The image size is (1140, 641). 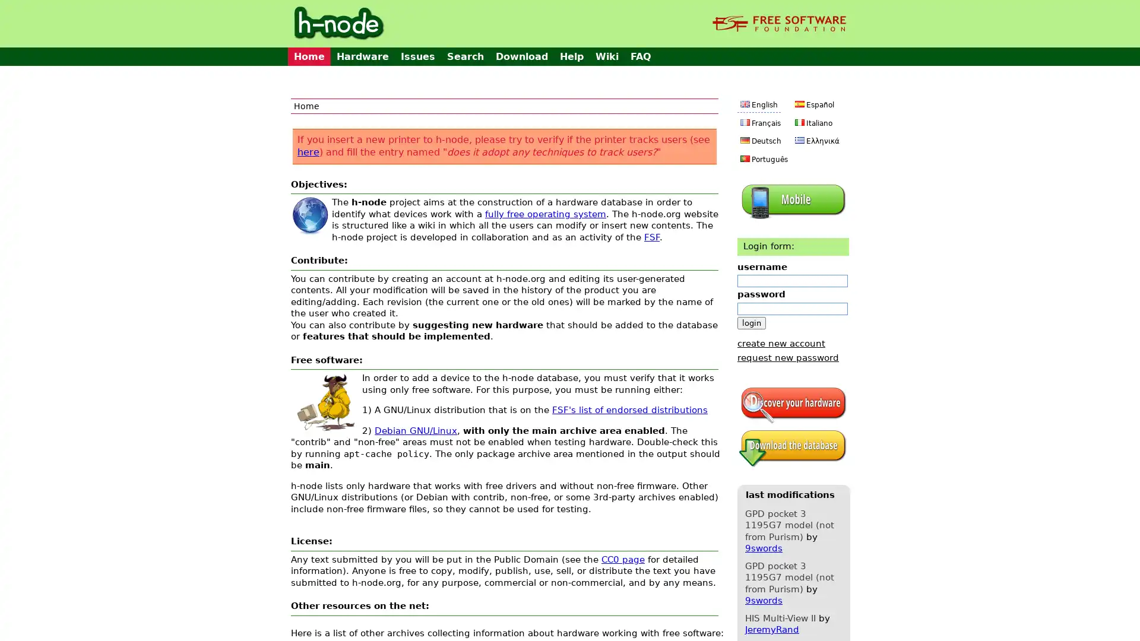 I want to click on login, so click(x=751, y=322).